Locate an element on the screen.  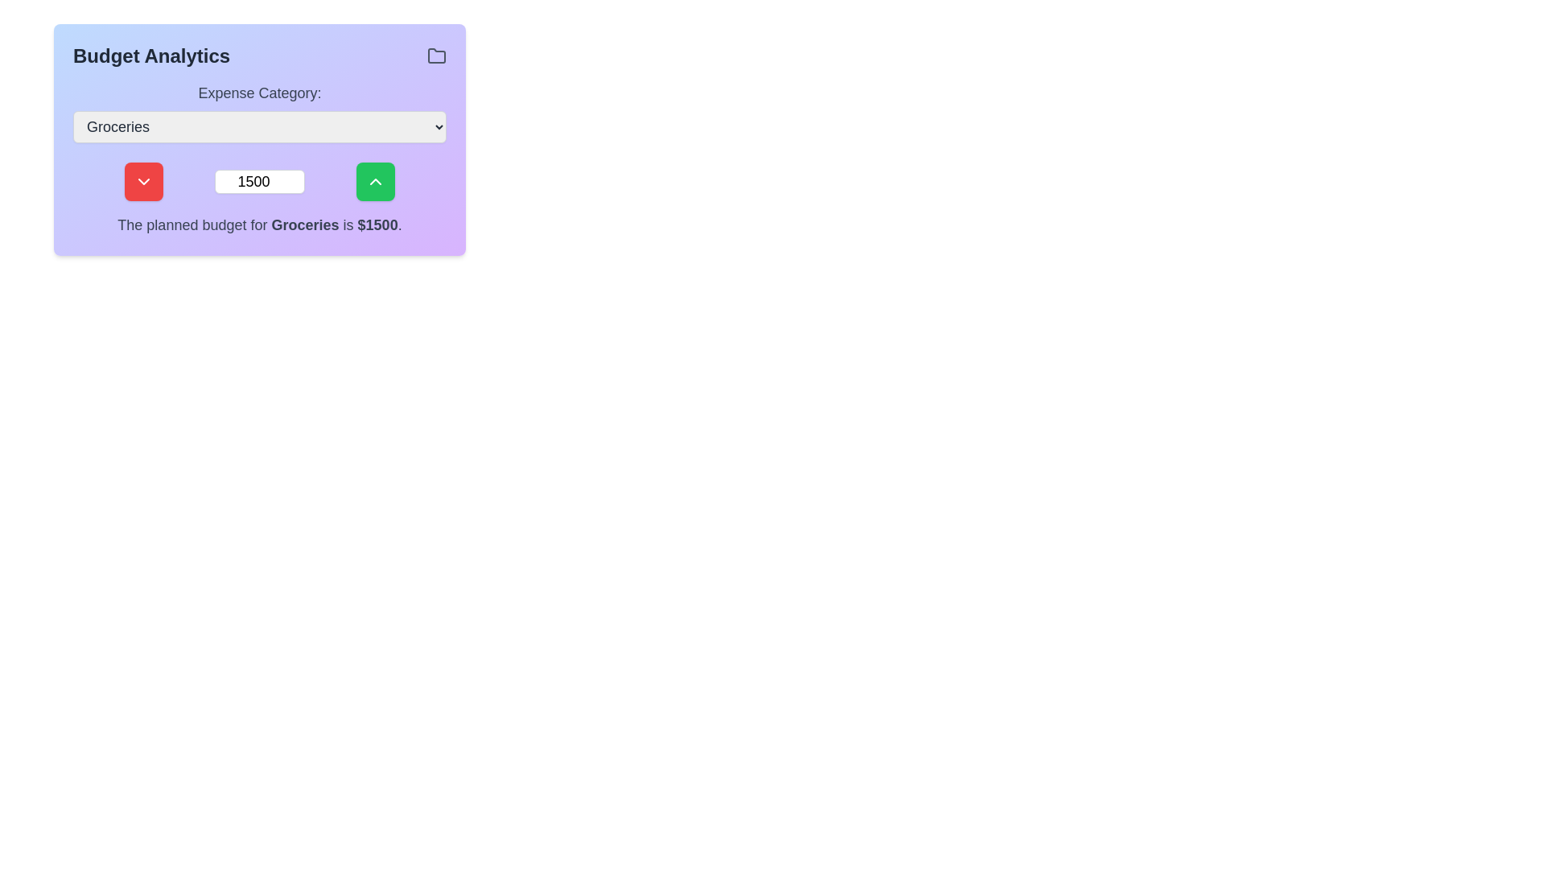
the increment button located to the right of the numerical input field is located at coordinates (374, 181).